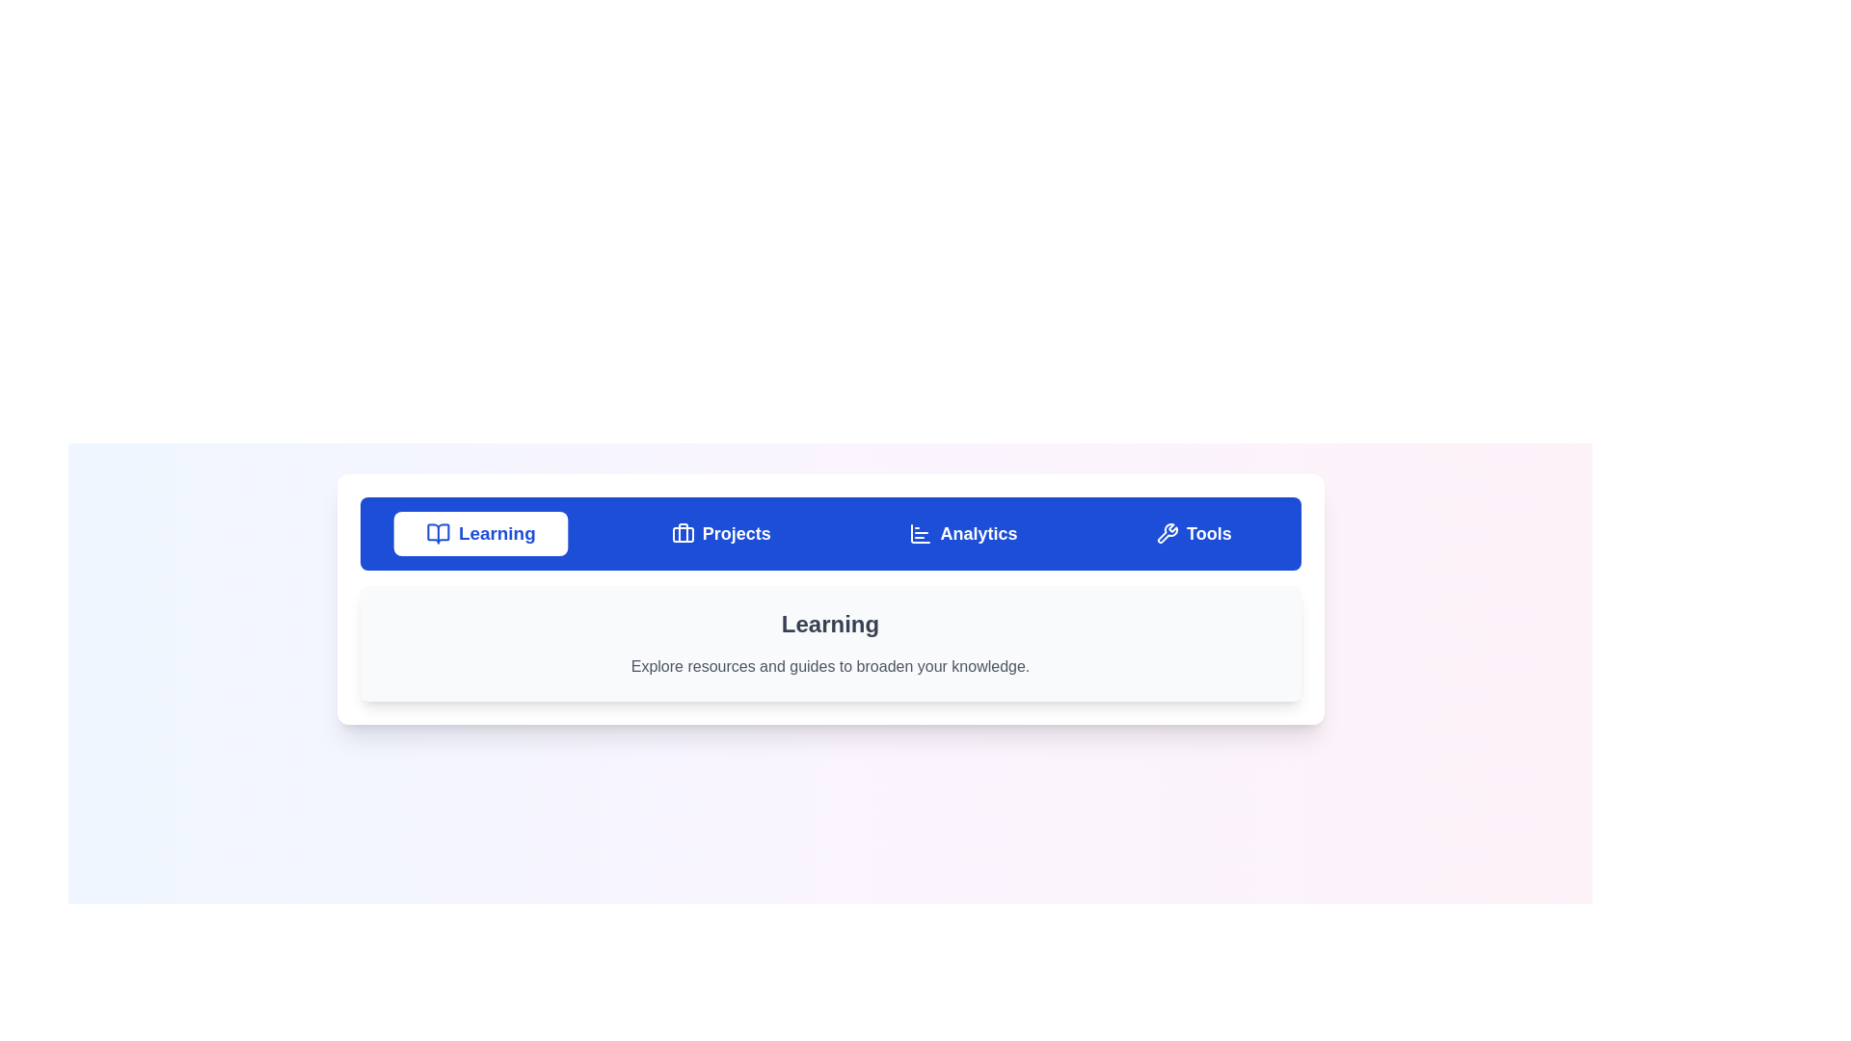 The height and width of the screenshot is (1041, 1851). I want to click on text that states 'Explore resources and guides to broaden your knowledge.' which is styled in medium gray color and is center aligned, located below the heading 'Learning', so click(830, 665).